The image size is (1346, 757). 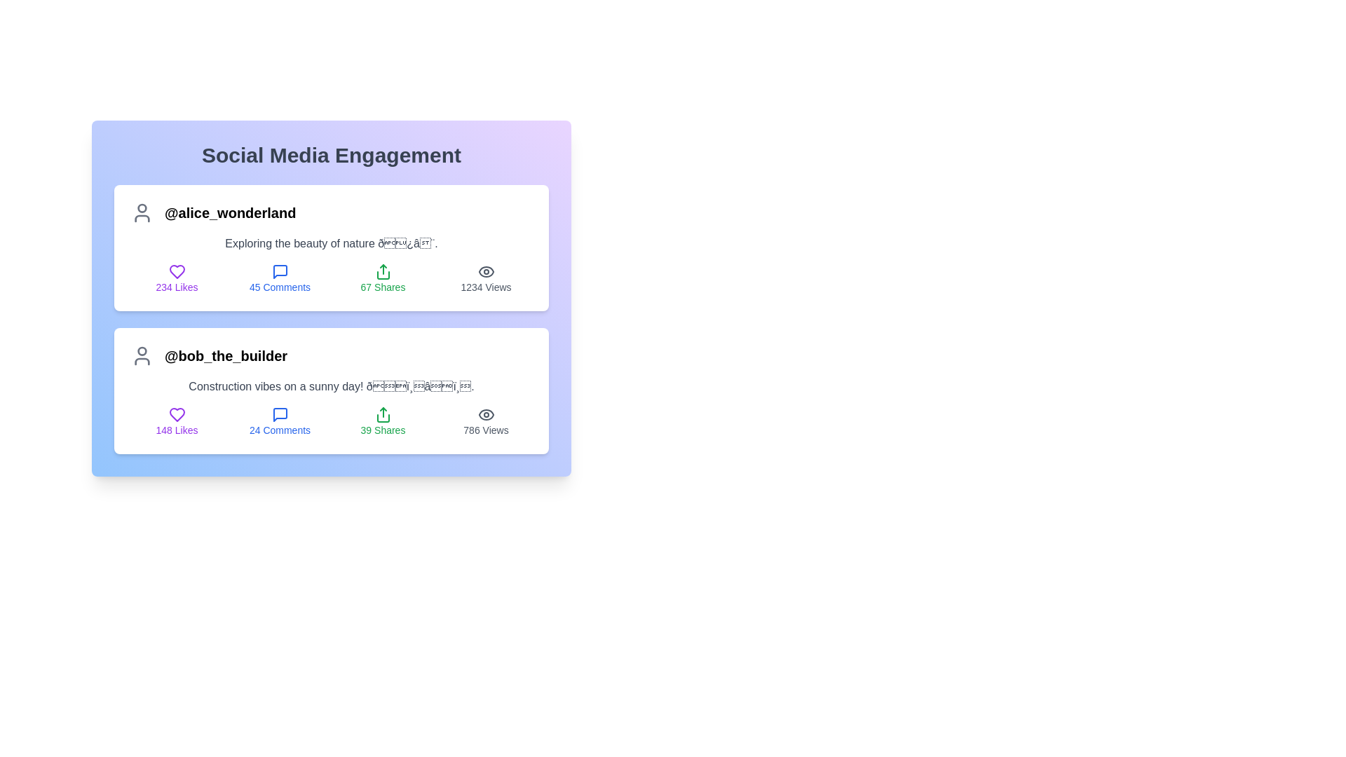 What do you see at coordinates (383, 429) in the screenshot?
I see `the '39 Shares' text label located in the lower right segment of the second post to interact with related engagement metrics` at bounding box center [383, 429].